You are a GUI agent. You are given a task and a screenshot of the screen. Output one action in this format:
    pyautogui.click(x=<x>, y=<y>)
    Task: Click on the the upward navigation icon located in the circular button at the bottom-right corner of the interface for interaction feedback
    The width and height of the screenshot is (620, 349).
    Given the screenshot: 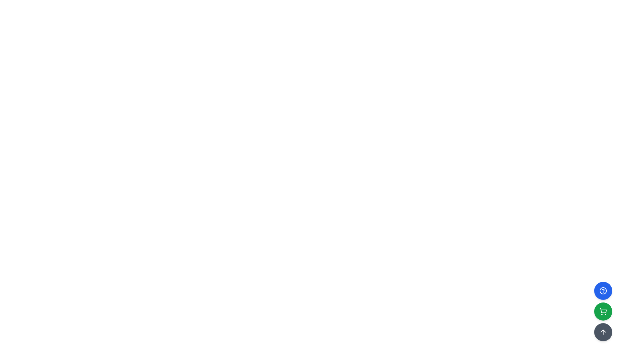 What is the action you would take?
    pyautogui.click(x=603, y=332)
    